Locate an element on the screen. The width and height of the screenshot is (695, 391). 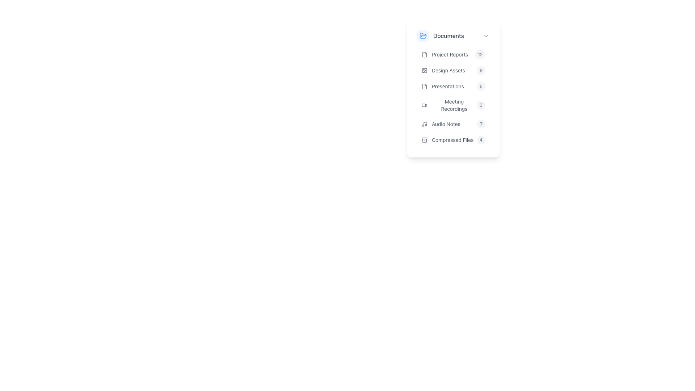
the informational badge displaying the count of items related to 'Compressed Files' is located at coordinates (481, 140).